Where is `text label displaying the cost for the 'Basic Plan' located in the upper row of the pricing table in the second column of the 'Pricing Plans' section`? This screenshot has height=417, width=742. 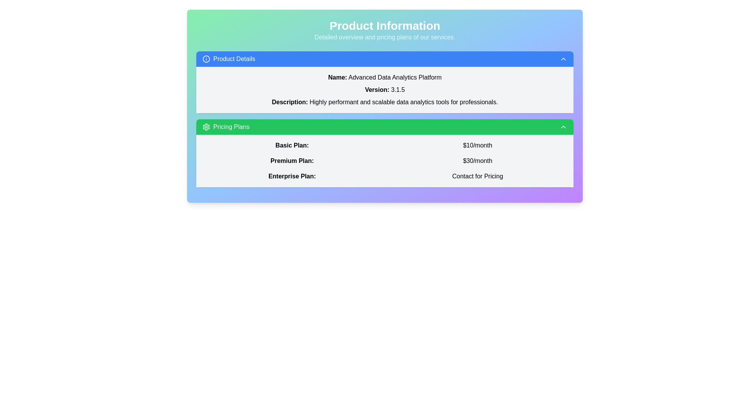
text label displaying the cost for the 'Basic Plan' located in the upper row of the pricing table in the second column of the 'Pricing Plans' section is located at coordinates (477, 146).